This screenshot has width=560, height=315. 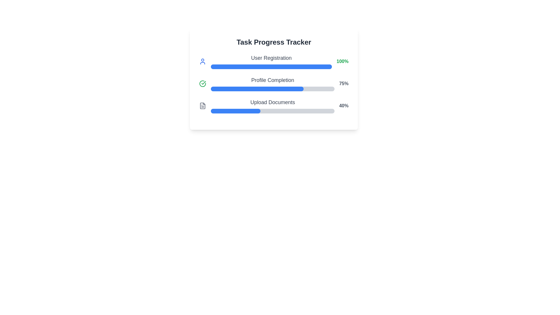 What do you see at coordinates (271, 58) in the screenshot?
I see `the 'User Registration' text label, which is styled in gray and is positioned prominently in the progress bar interface` at bounding box center [271, 58].